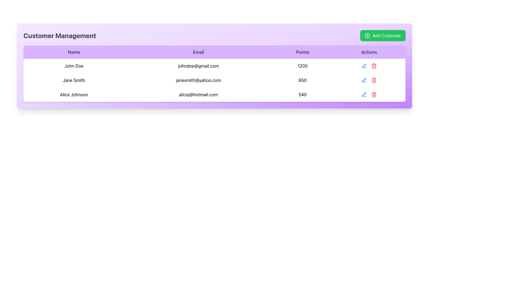  What do you see at coordinates (367, 35) in the screenshot?
I see `the circular green icon with a plus sign, located to the left of the 'Add Customer' label` at bounding box center [367, 35].